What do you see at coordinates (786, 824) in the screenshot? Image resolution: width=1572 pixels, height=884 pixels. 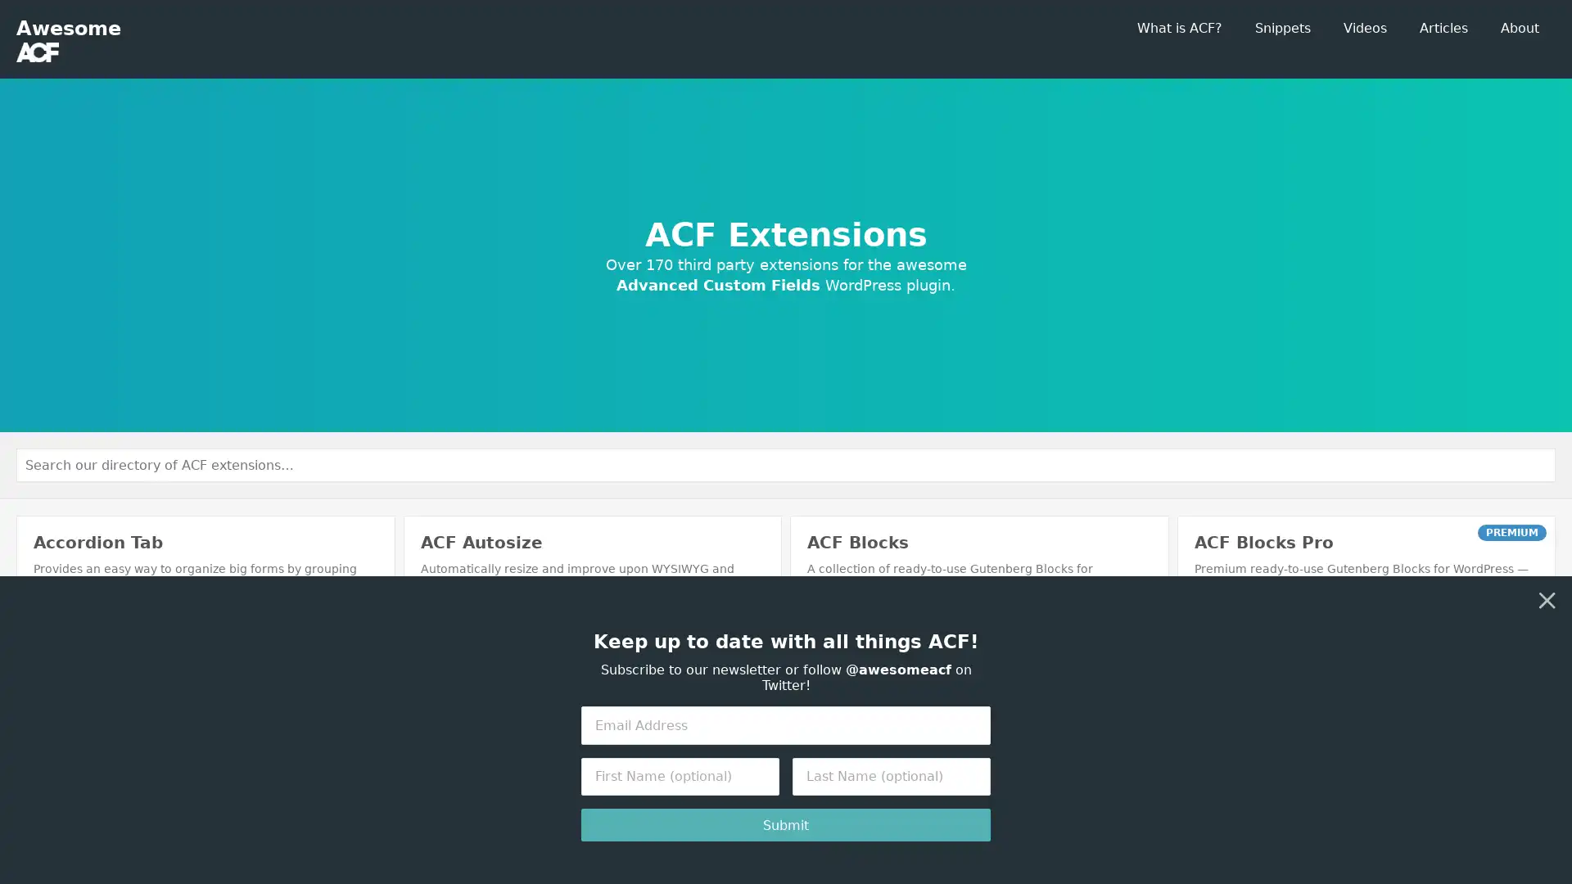 I see `Submit` at bounding box center [786, 824].